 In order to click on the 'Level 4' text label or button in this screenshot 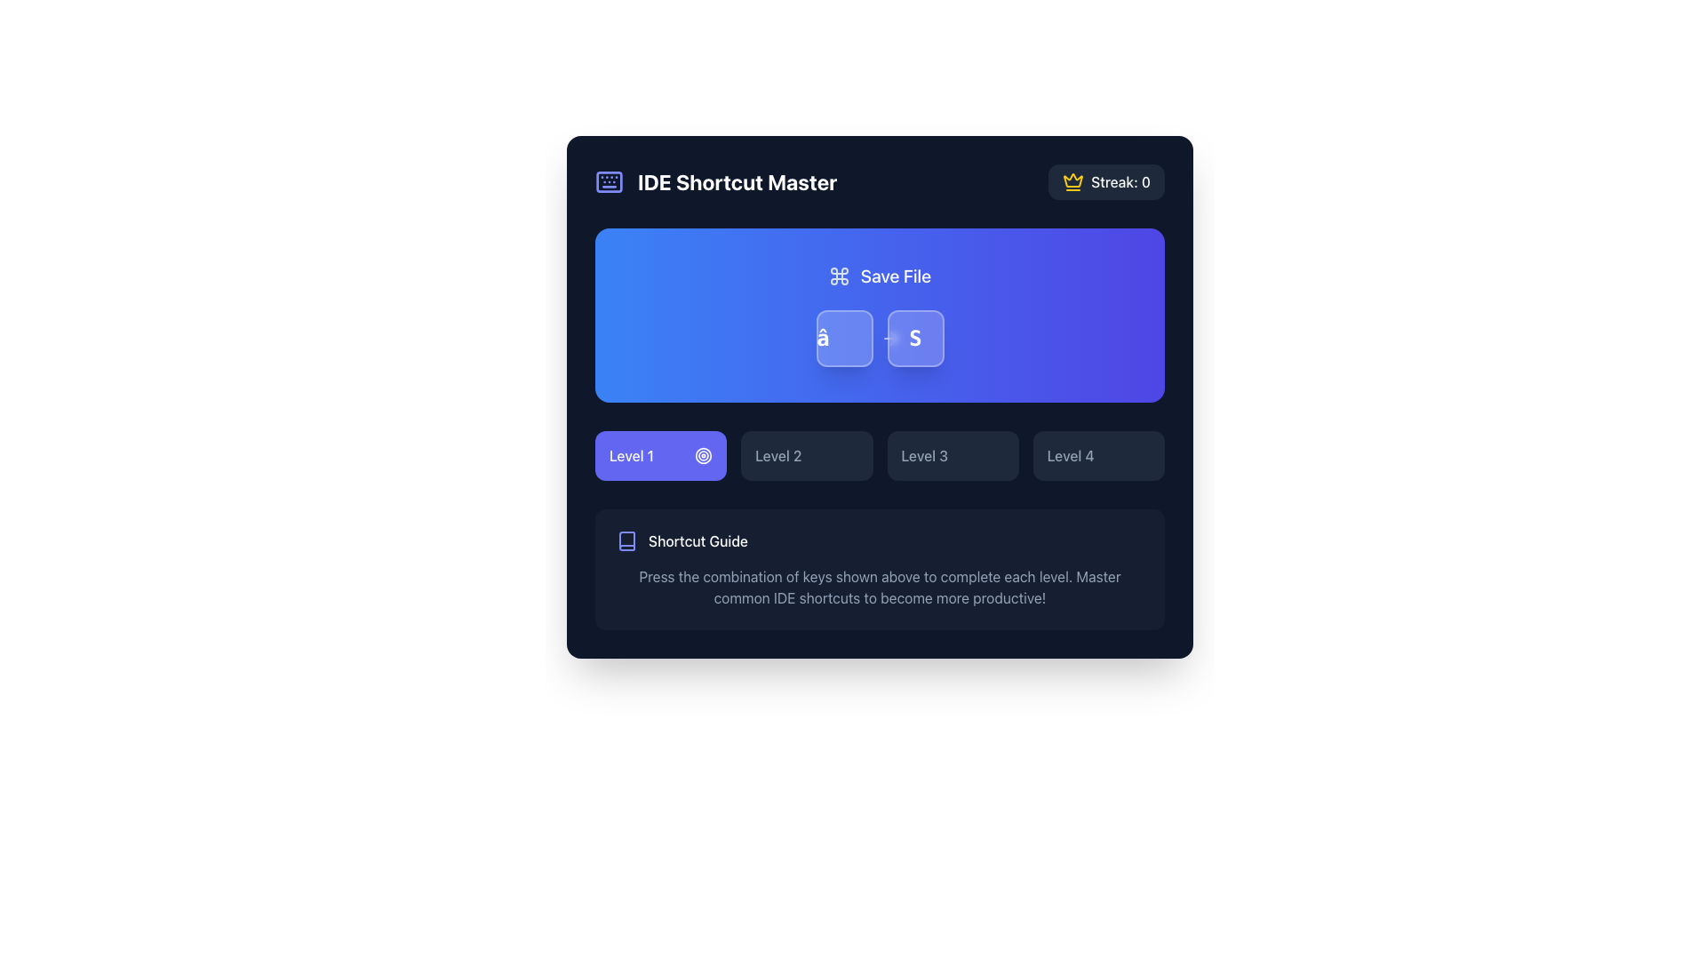, I will do `click(1070, 455)`.